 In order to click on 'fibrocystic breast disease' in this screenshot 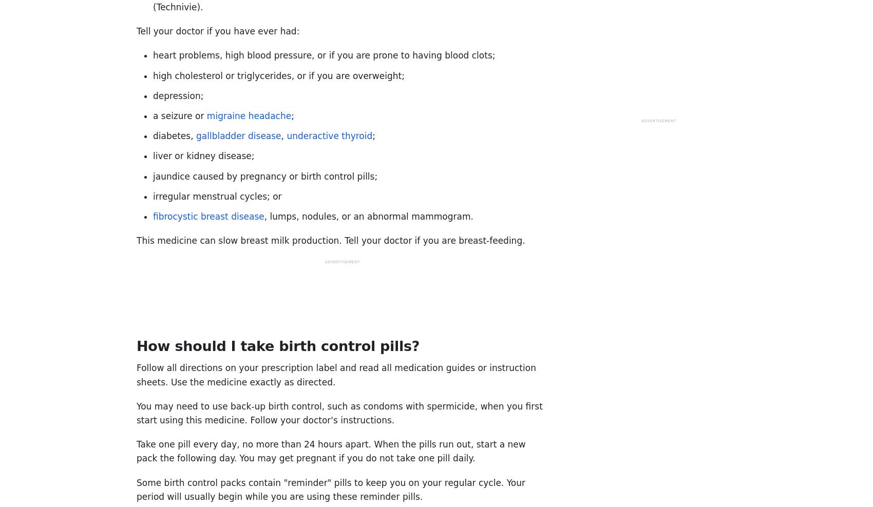, I will do `click(153, 215)`.